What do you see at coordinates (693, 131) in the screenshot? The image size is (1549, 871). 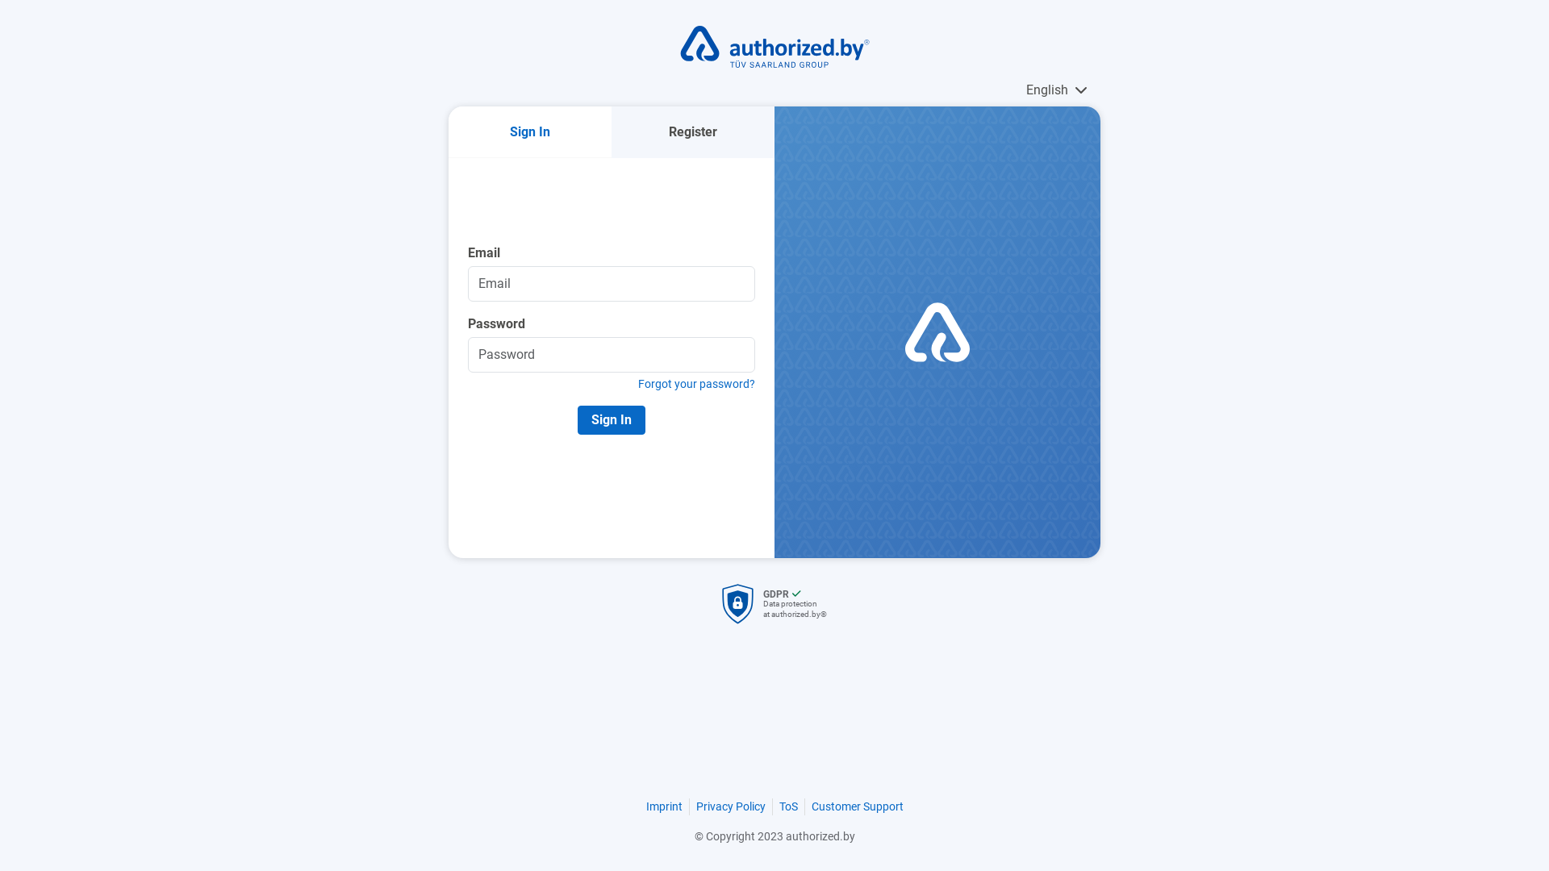 I see `'Register'` at bounding box center [693, 131].